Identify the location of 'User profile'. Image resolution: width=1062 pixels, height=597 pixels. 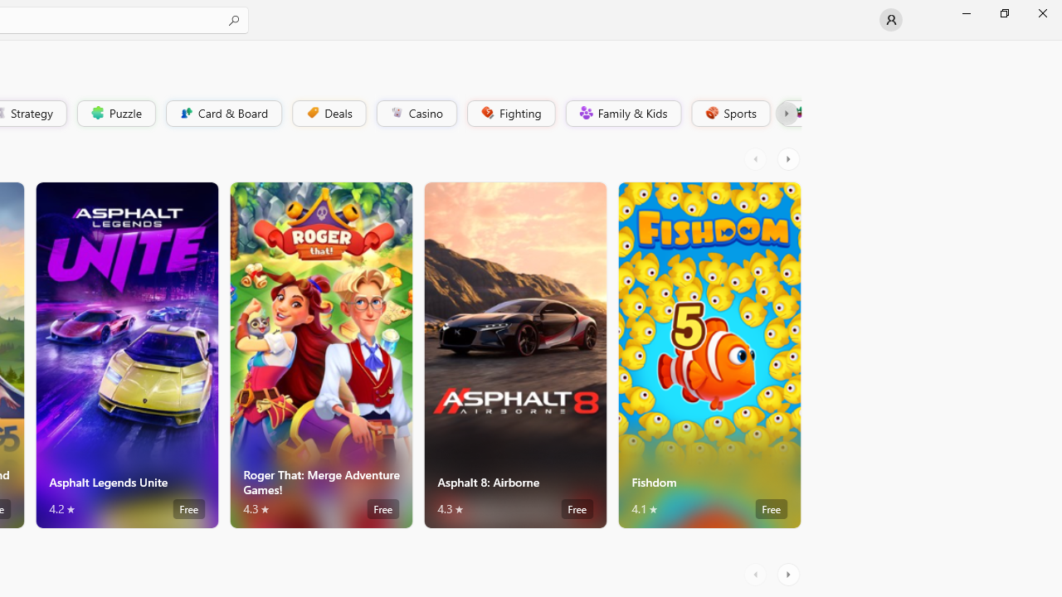
(889, 20).